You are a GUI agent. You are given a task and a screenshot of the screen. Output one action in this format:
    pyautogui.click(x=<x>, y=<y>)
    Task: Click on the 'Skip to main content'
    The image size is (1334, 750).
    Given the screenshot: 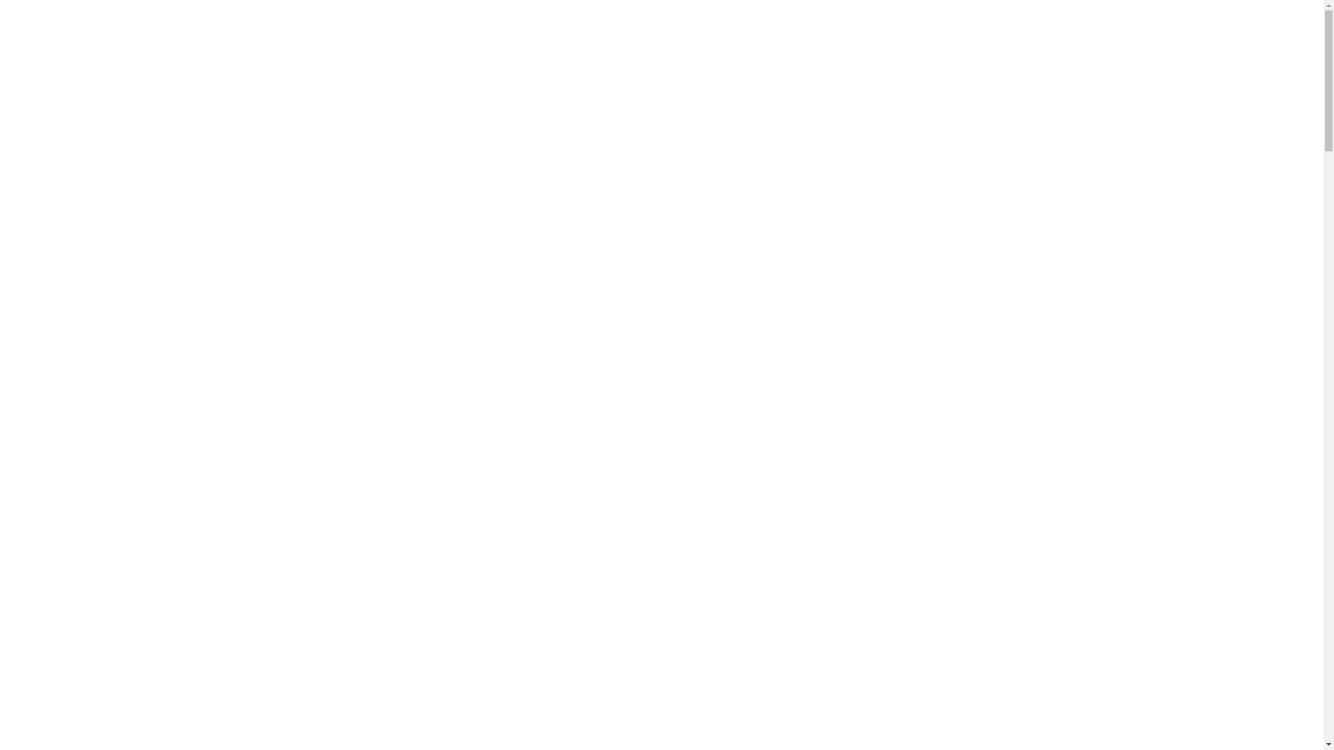 What is the action you would take?
    pyautogui.click(x=5, y=5)
    